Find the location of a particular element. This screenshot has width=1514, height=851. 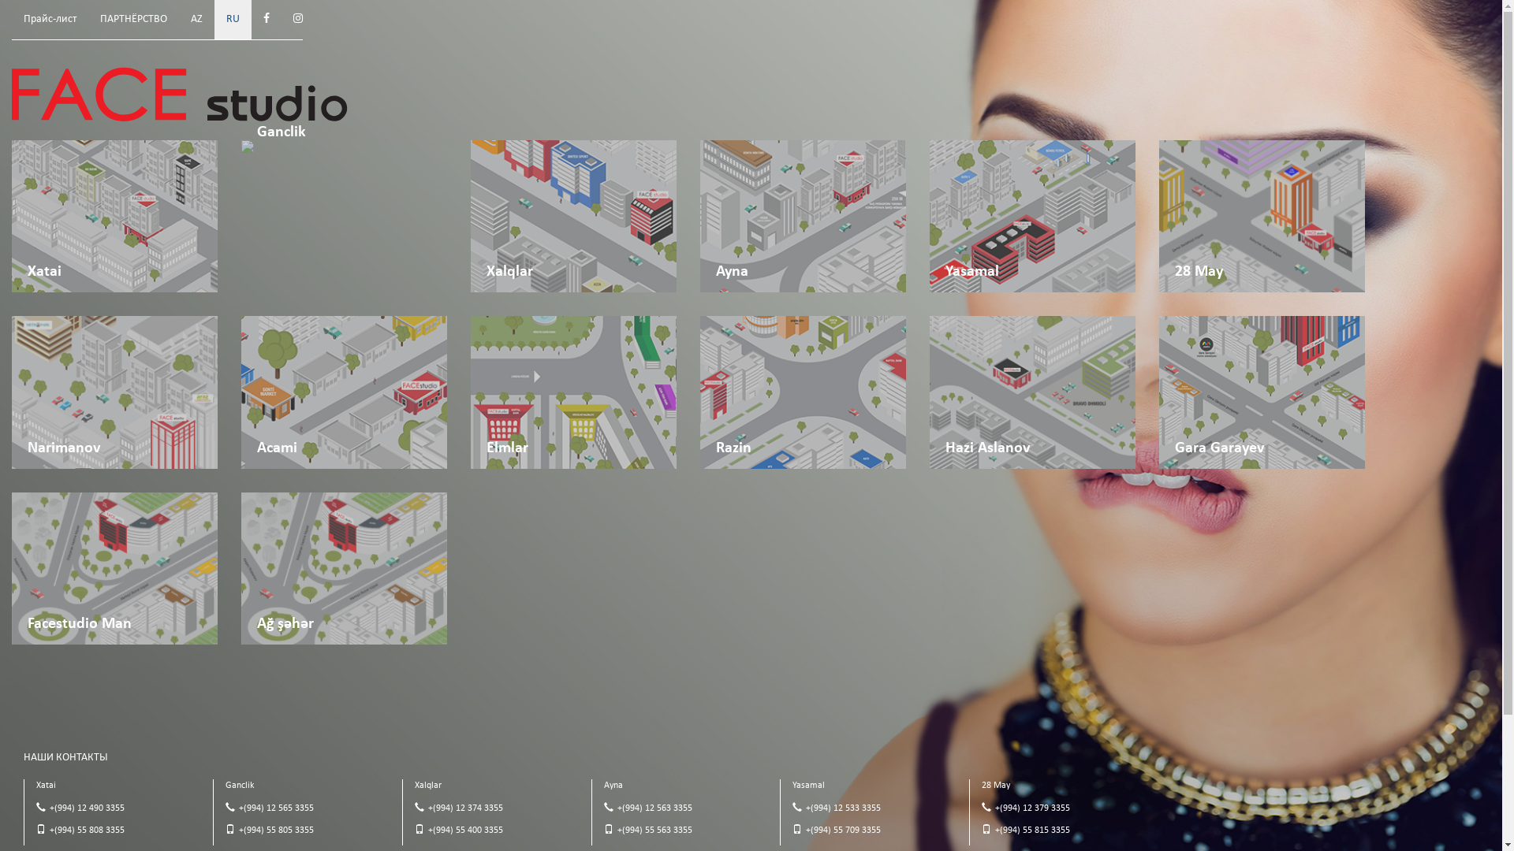

'+(994) 55 400 3355' is located at coordinates (464, 829).